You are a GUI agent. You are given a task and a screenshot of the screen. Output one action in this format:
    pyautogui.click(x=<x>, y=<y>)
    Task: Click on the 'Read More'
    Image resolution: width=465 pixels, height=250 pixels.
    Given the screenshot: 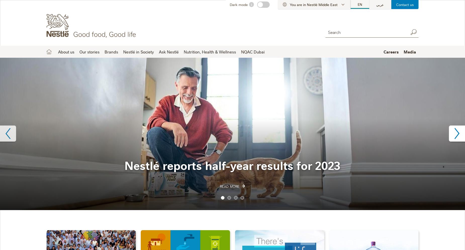 What is the action you would take?
    pyautogui.click(x=230, y=186)
    